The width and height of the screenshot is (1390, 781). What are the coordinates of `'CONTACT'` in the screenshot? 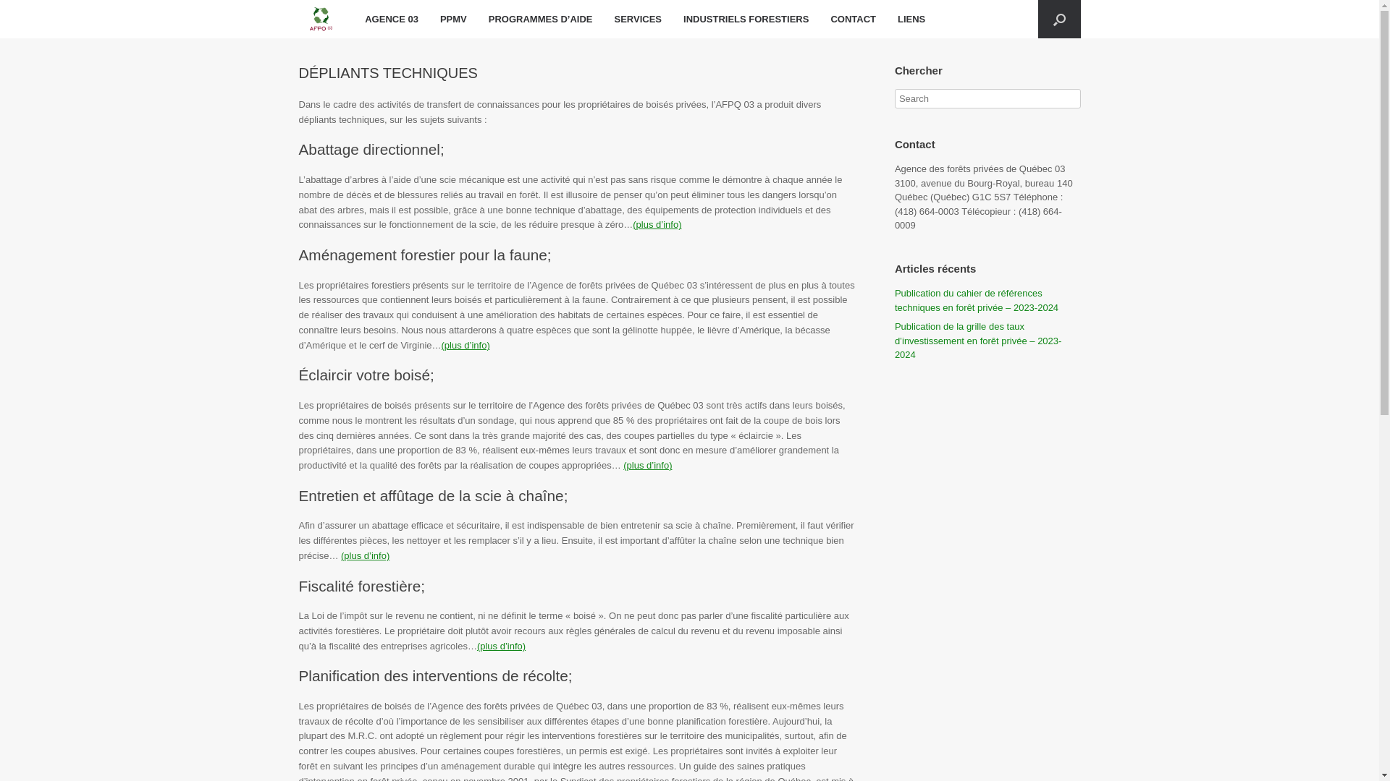 It's located at (853, 19).